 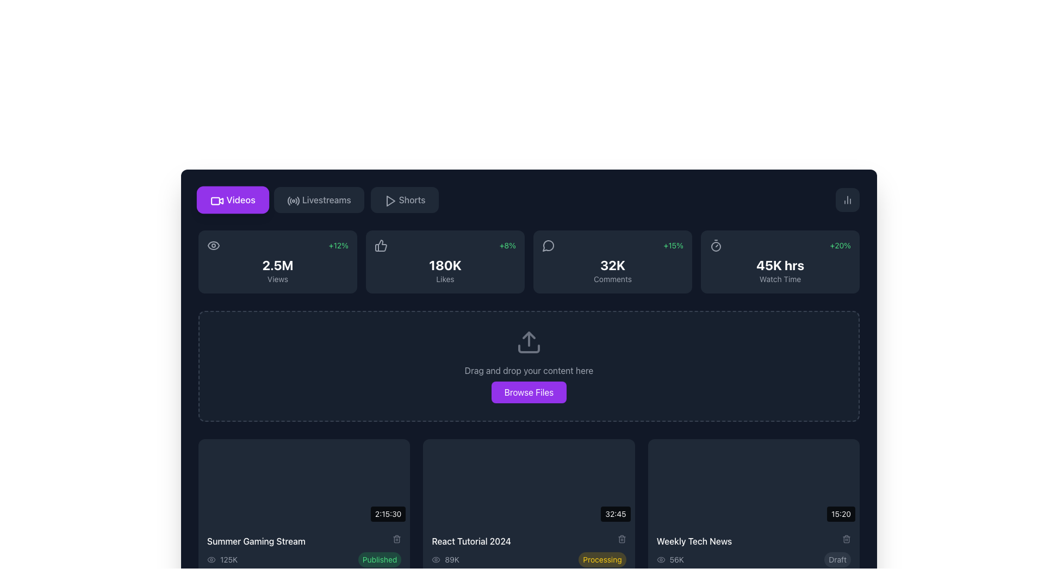 What do you see at coordinates (673, 245) in the screenshot?
I see `the green text label displaying '+15%' located to the right of the '32K' numerical figure in the top section of the interface` at bounding box center [673, 245].